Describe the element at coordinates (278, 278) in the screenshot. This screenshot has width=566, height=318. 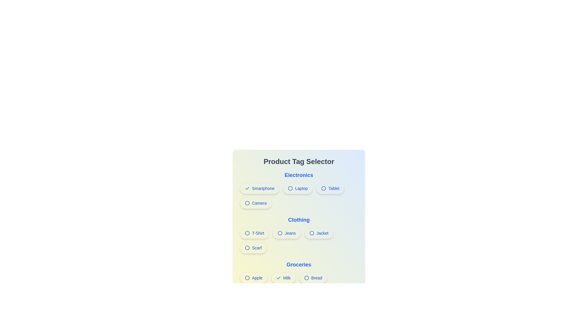
I see `the checkmark icon located inside the 'Milk' button in the 'Groceries' section of the interface` at that location.